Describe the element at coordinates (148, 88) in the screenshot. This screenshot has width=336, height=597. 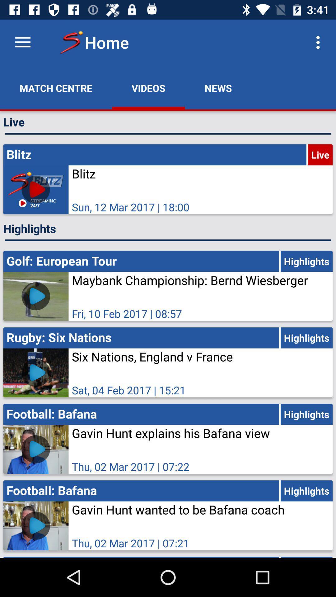
I see `the app to the left of news` at that location.